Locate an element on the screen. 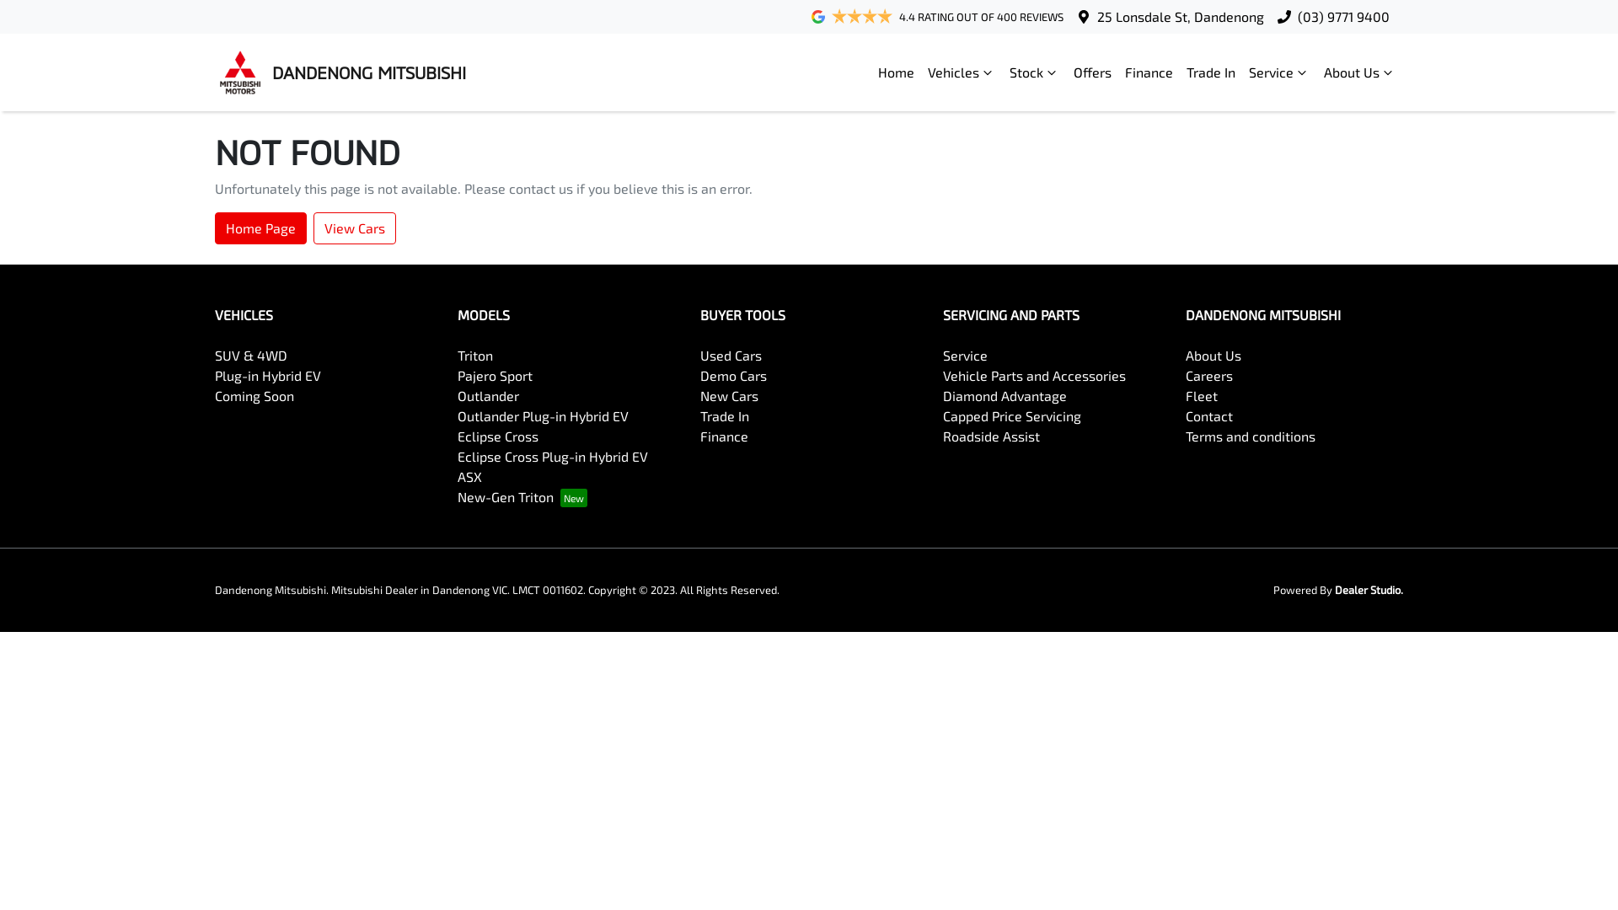 The width and height of the screenshot is (1618, 910). 'Home Page' is located at coordinates (260, 227).